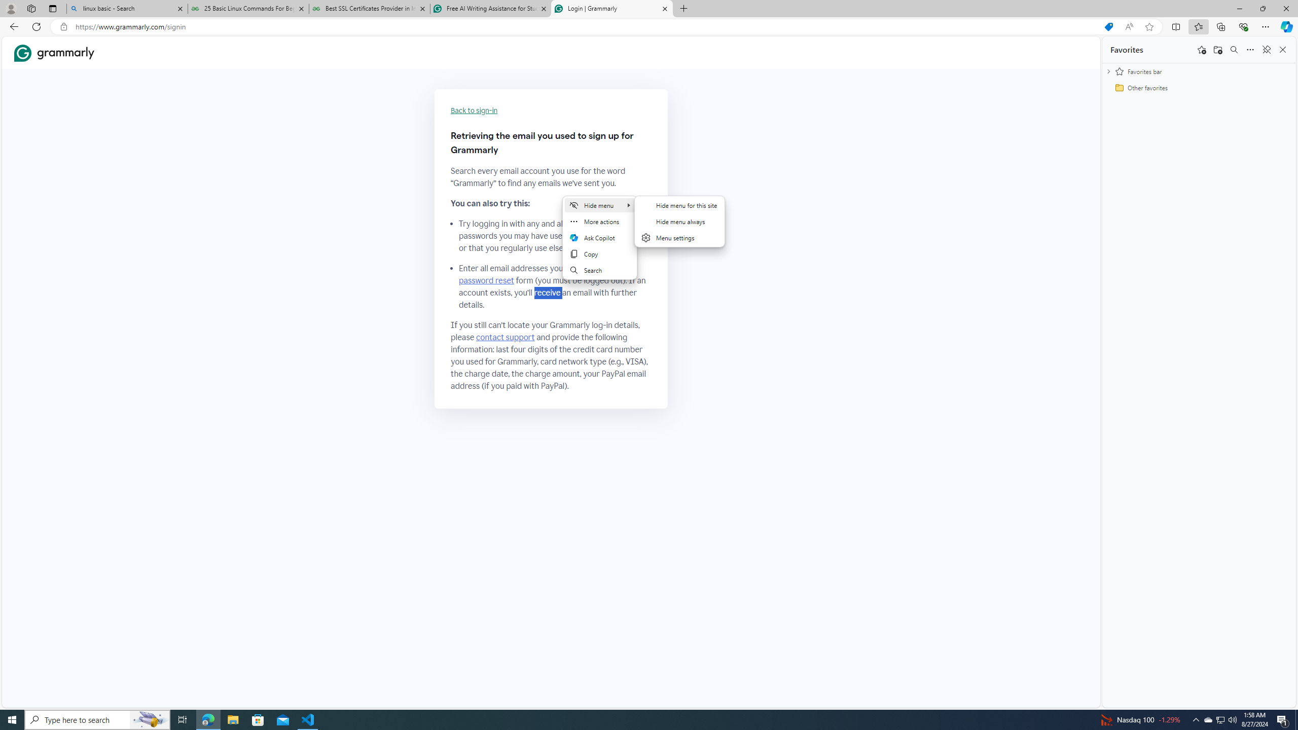 The height and width of the screenshot is (730, 1298). Describe the element at coordinates (474, 111) in the screenshot. I see `'Back to sign-in'` at that location.